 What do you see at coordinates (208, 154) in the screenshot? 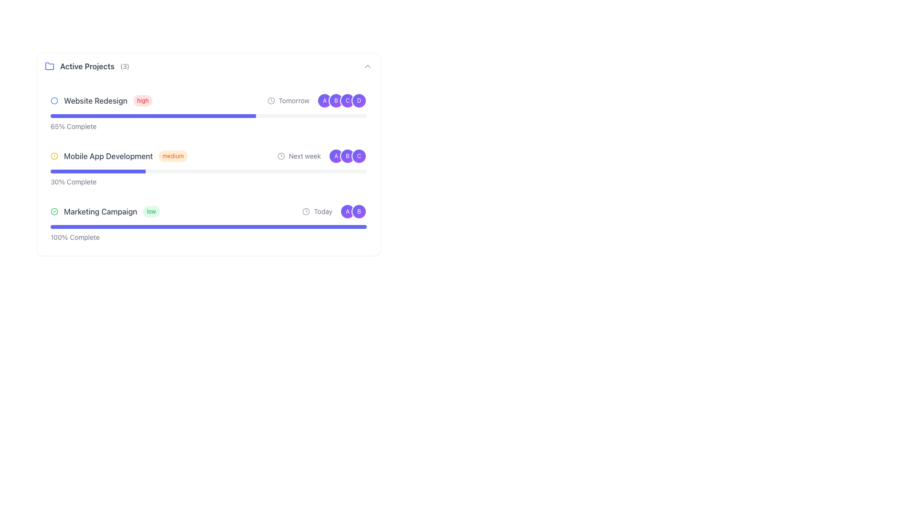
I see `the second project card in the 'Active Projects (3)' section` at bounding box center [208, 154].